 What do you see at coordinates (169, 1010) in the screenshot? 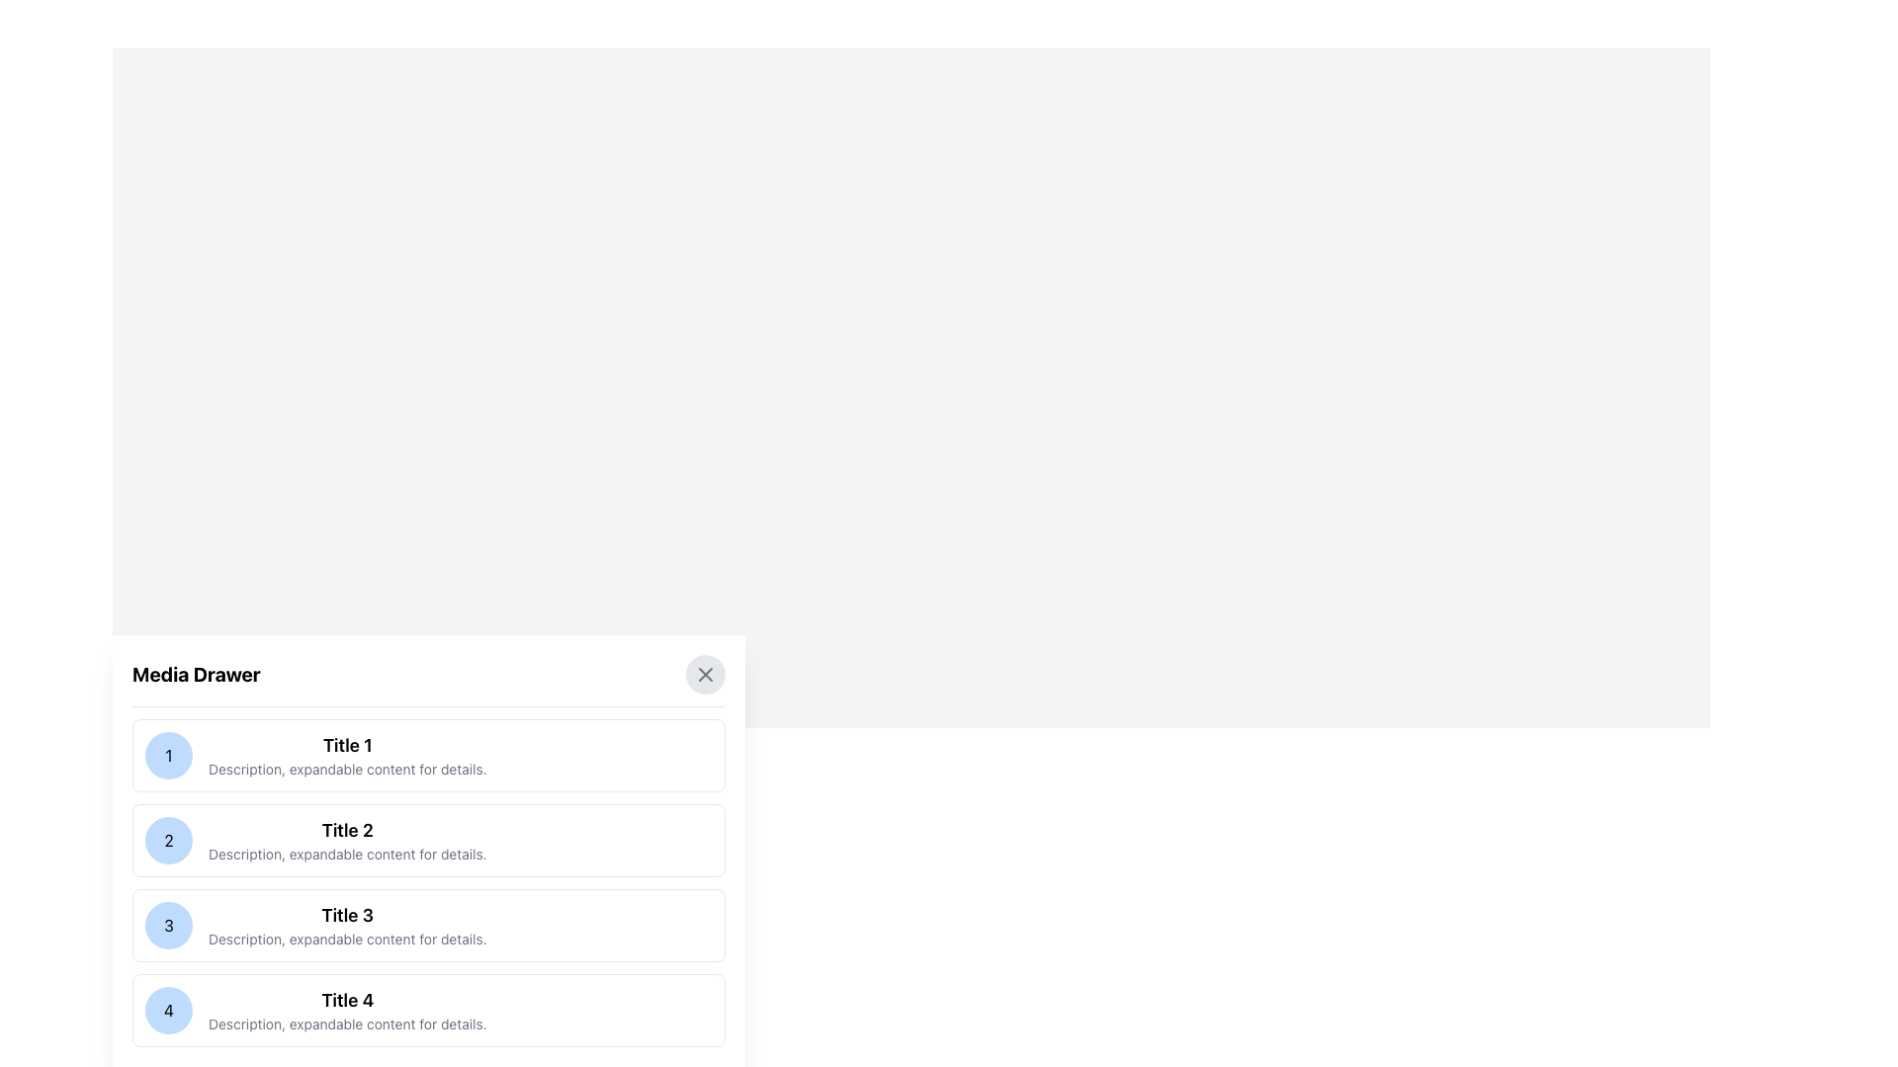
I see `the center of the Circular Label that identifies the fourth item in the Media Drawer section to focus on it` at bounding box center [169, 1010].